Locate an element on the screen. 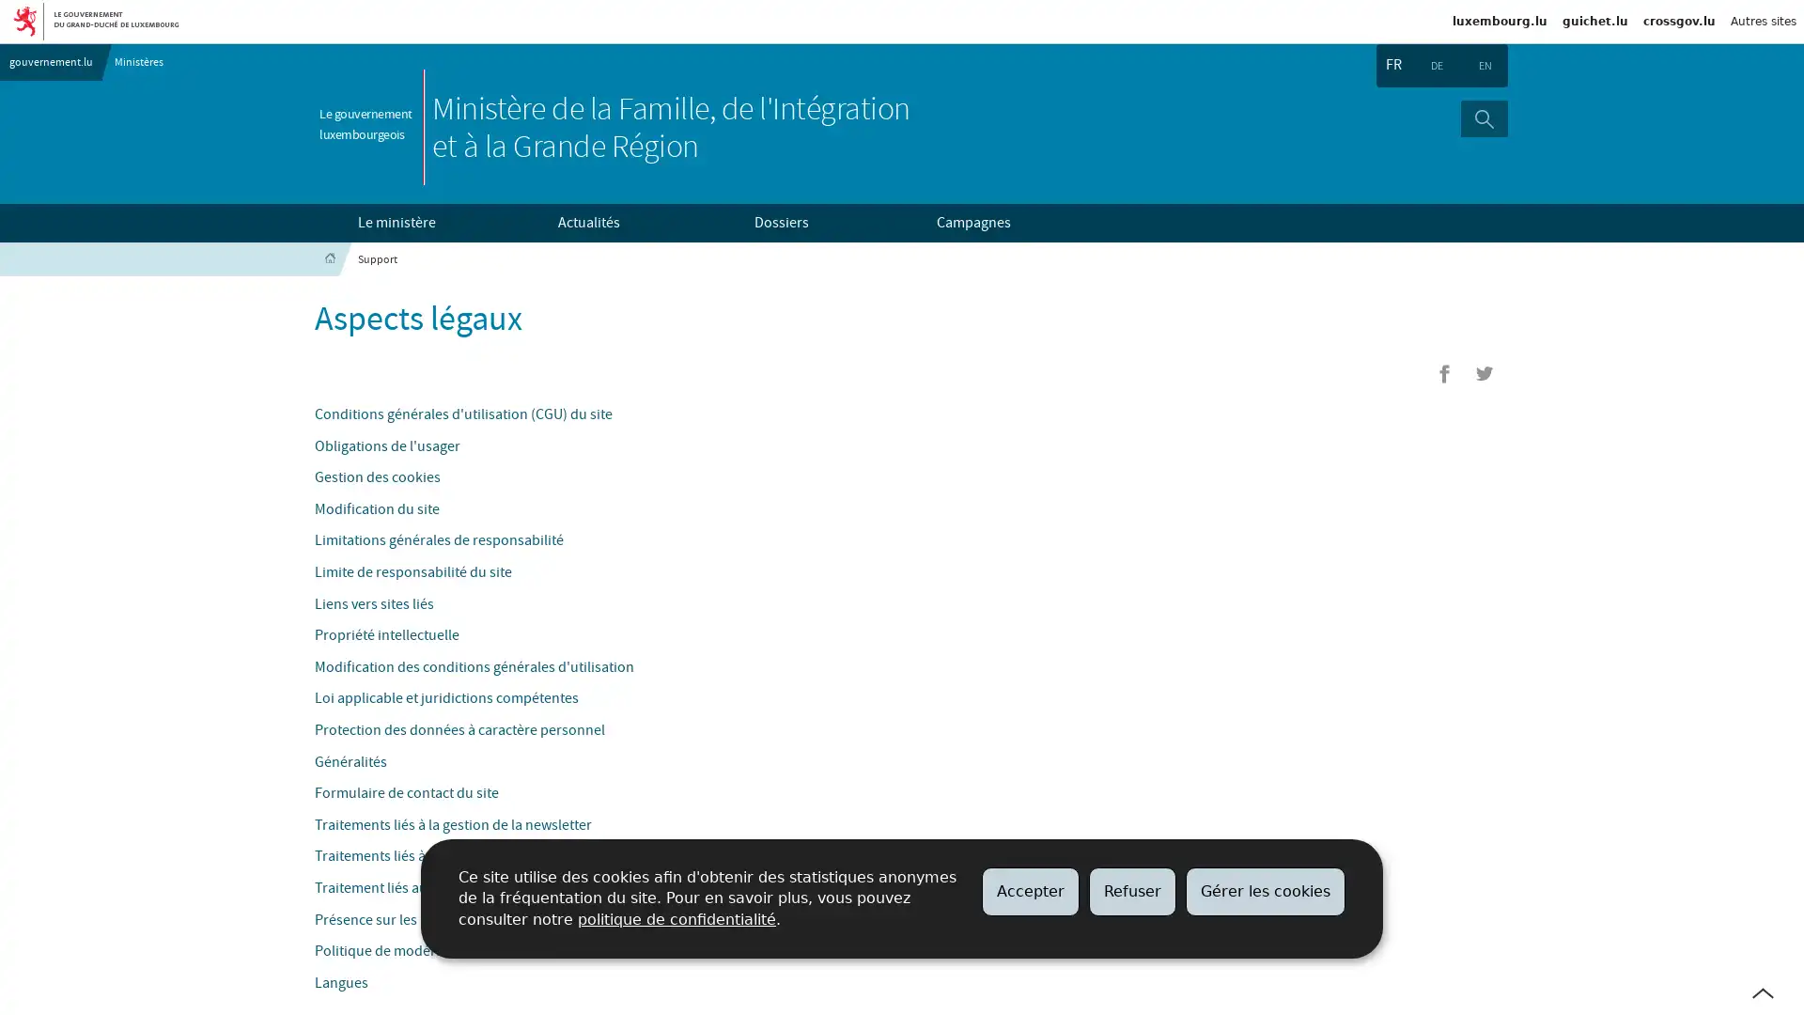  Refuser is located at coordinates (1131, 890).